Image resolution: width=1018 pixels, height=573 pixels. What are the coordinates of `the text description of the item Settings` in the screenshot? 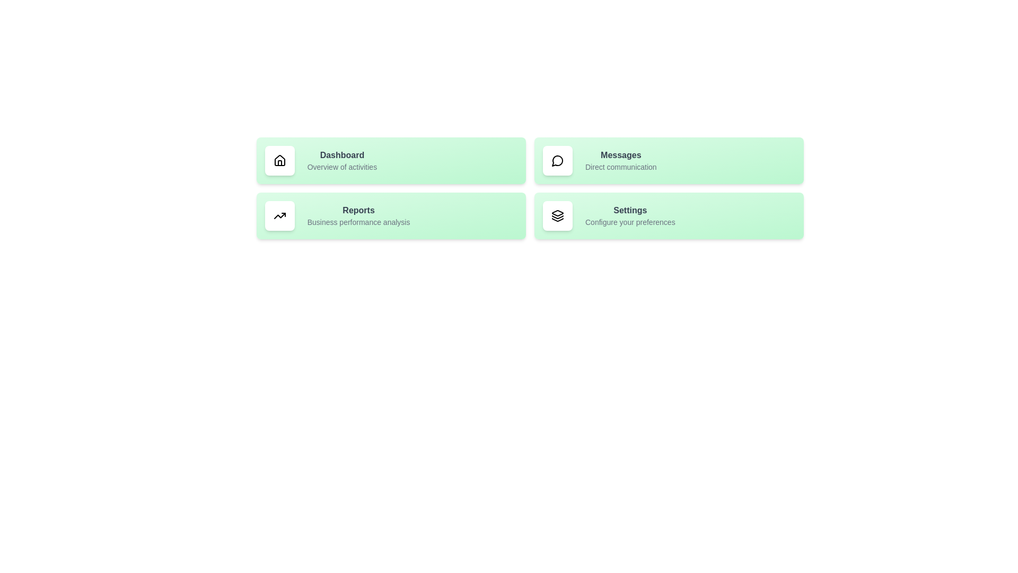 It's located at (621, 222).